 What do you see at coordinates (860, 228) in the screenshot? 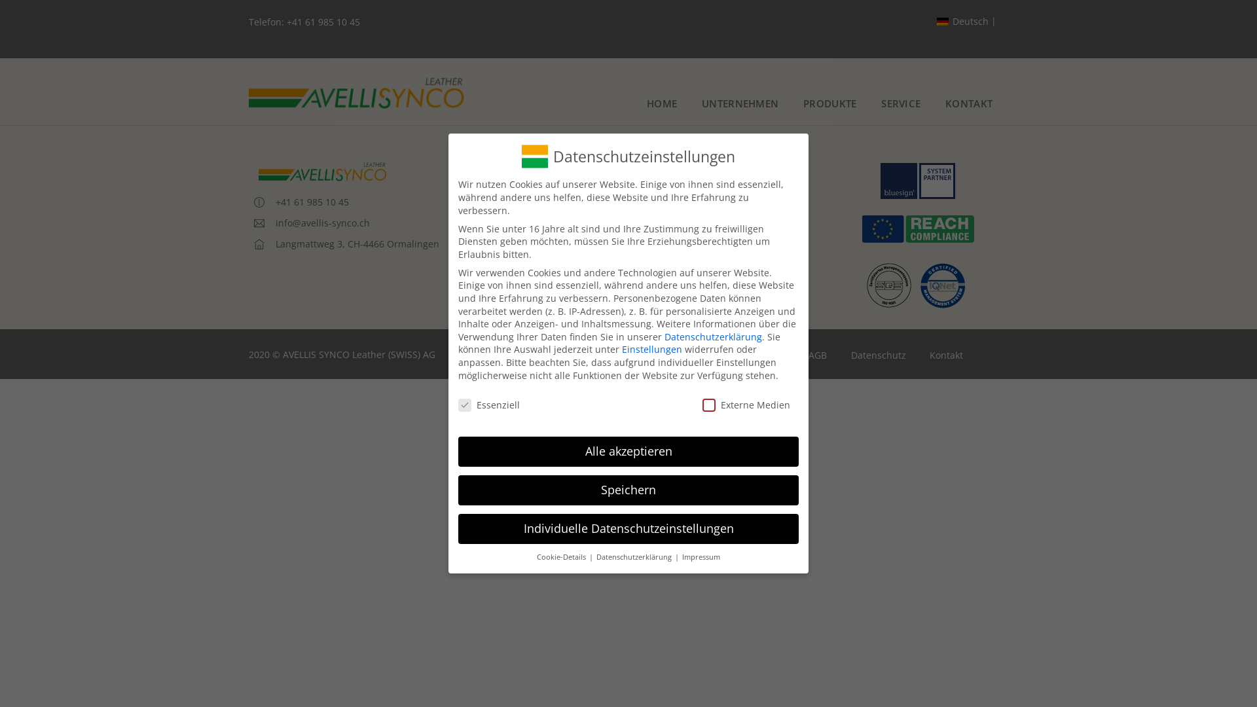
I see `'reach compliance'` at bounding box center [860, 228].